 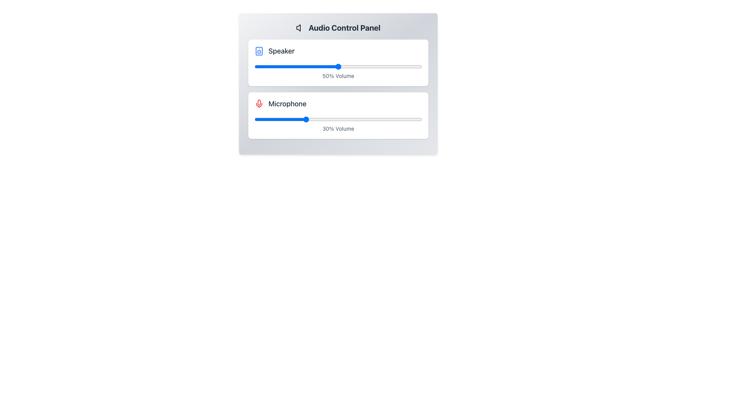 What do you see at coordinates (258, 119) in the screenshot?
I see `the microphone volume` at bounding box center [258, 119].